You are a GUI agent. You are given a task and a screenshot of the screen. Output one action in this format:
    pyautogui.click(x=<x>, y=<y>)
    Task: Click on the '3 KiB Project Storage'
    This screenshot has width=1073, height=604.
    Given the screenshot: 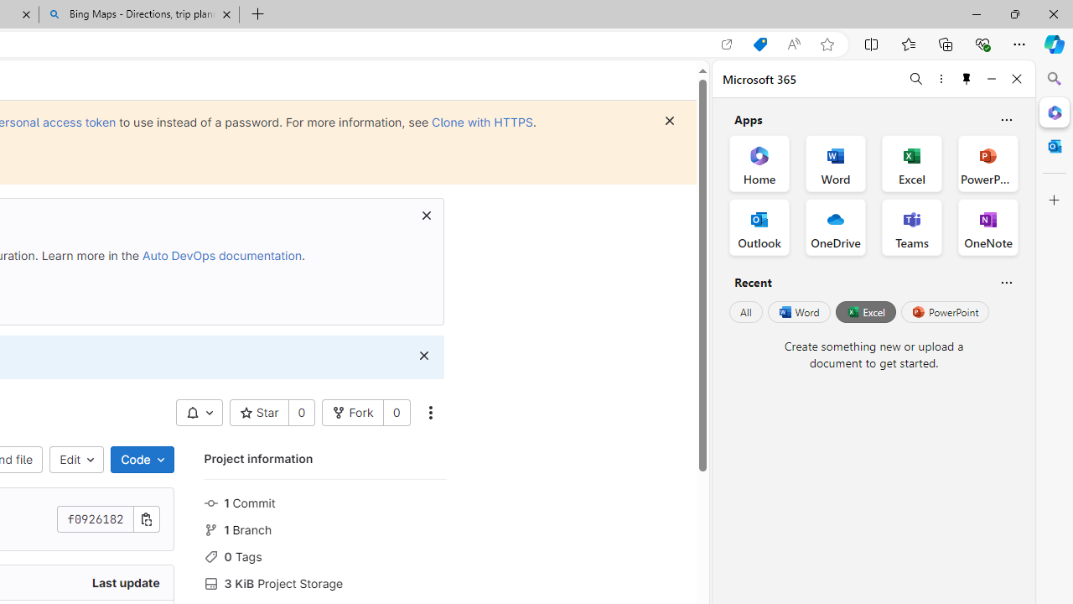 What is the action you would take?
    pyautogui.click(x=324, y=581)
    